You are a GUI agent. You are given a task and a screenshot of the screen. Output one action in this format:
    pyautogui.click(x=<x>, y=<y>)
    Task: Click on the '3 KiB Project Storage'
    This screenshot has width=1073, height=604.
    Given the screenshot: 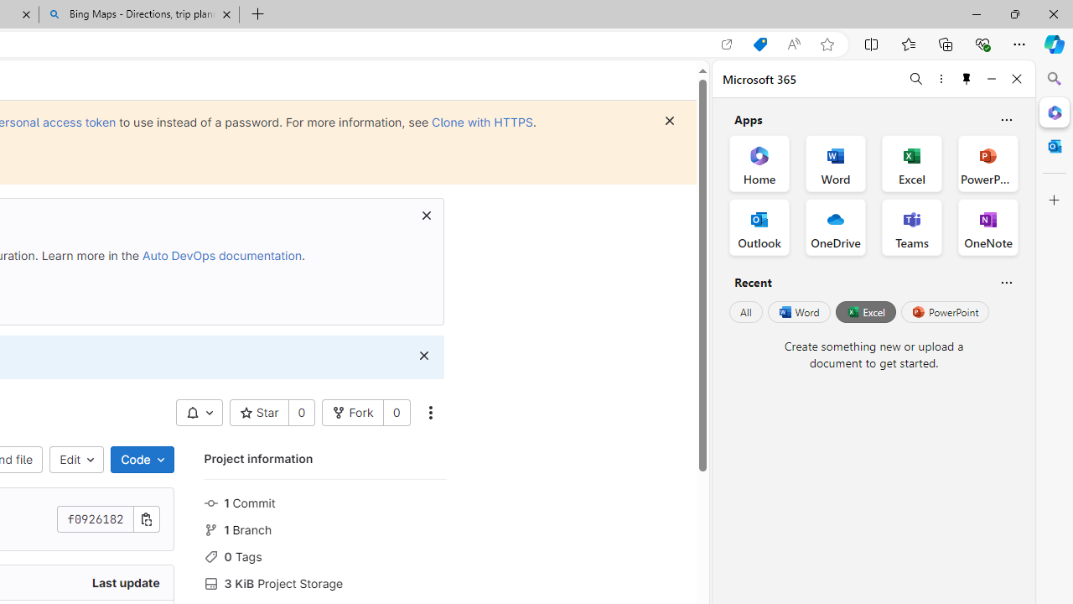 What is the action you would take?
    pyautogui.click(x=324, y=581)
    